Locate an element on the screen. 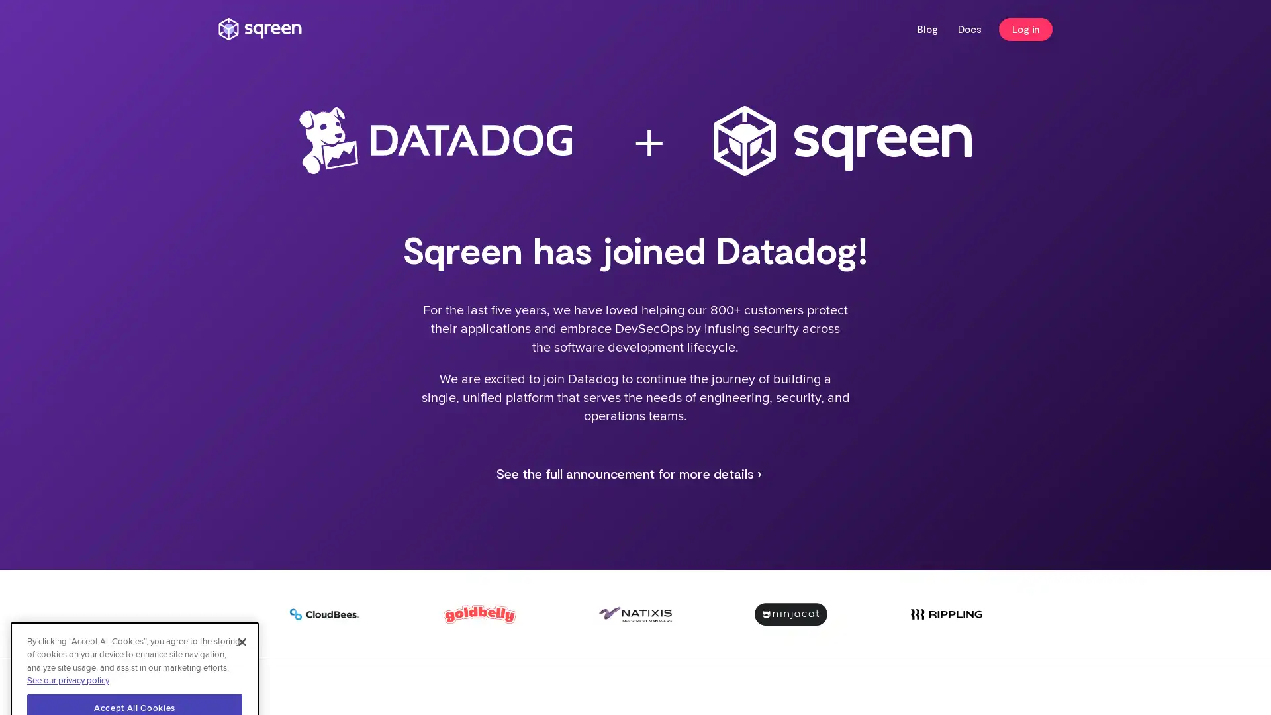 The width and height of the screenshot is (1271, 715). Accept All Cookies is located at coordinates (134, 630).